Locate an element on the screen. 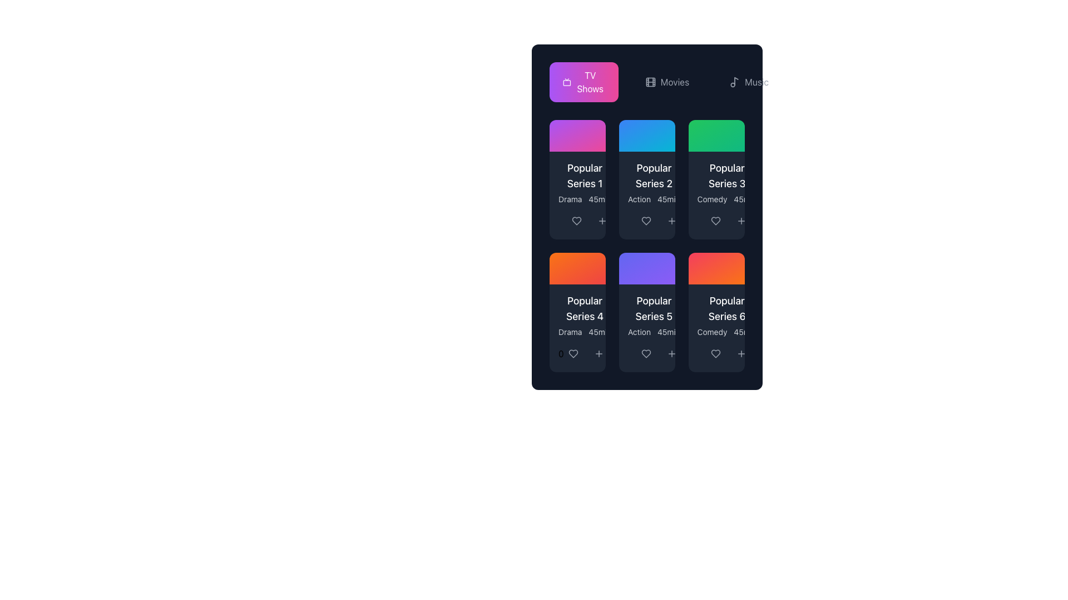  the text label displaying 'Comedy' and '45min' within the 'Popular Series 3' card is located at coordinates (727, 198).